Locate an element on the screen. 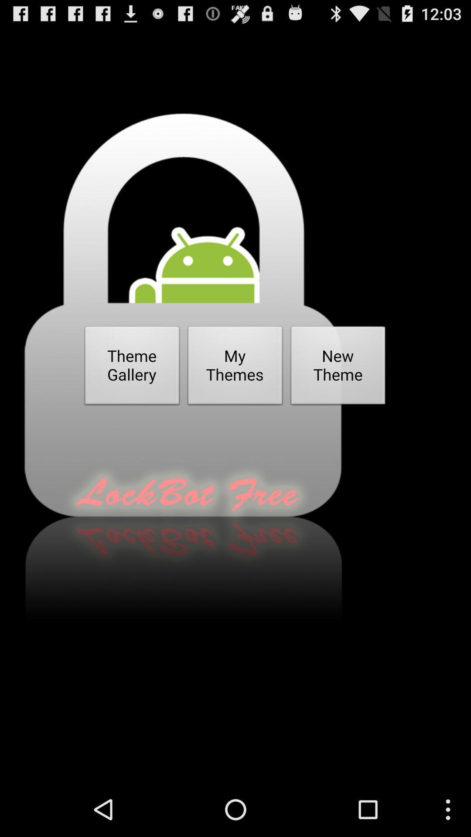  new theme item is located at coordinates (338, 368).